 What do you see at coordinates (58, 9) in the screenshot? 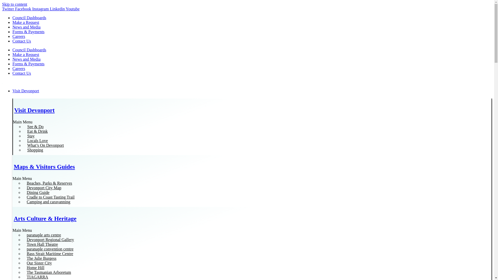
I see `'Linkedin'` at bounding box center [58, 9].